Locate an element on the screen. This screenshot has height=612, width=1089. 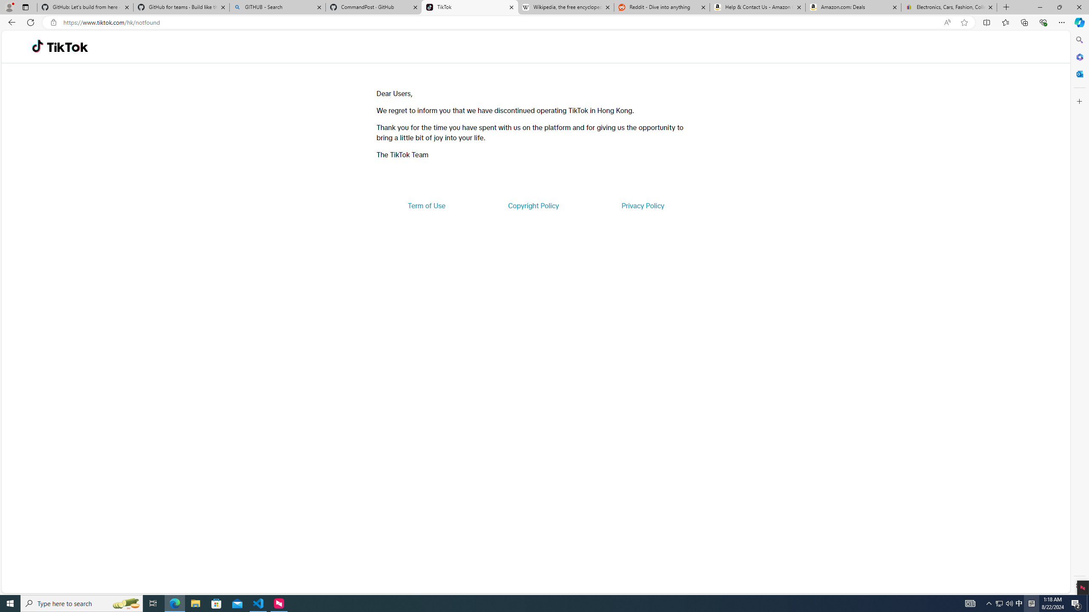
'Copyright Policy' is located at coordinates (533, 205).